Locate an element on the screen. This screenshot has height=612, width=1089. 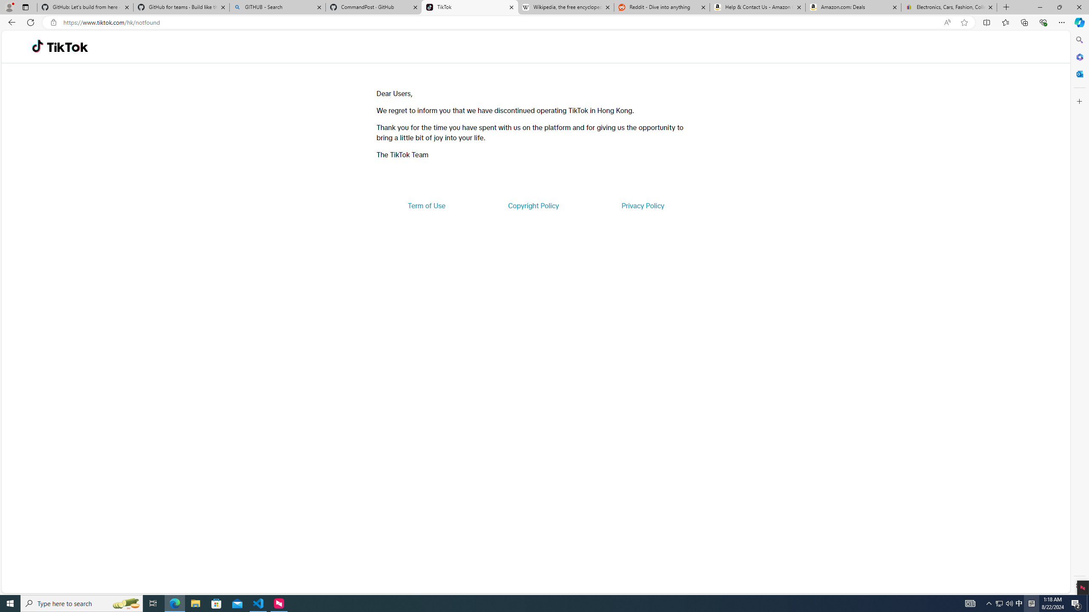
'Copyright Policy' is located at coordinates (533, 205).